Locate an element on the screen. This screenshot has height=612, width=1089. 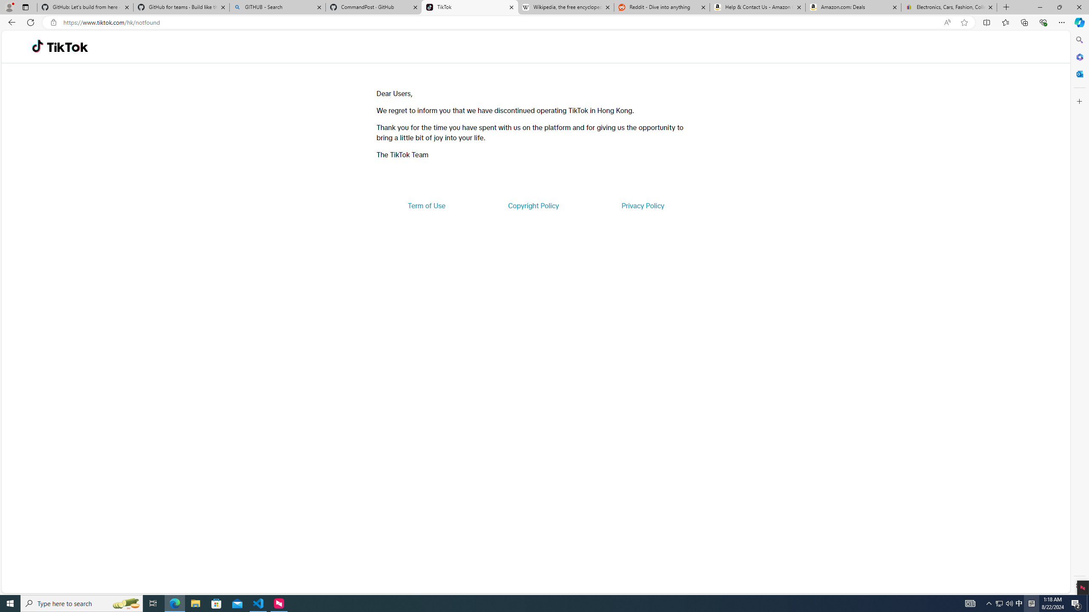
'Copyright Policy' is located at coordinates (533, 205).